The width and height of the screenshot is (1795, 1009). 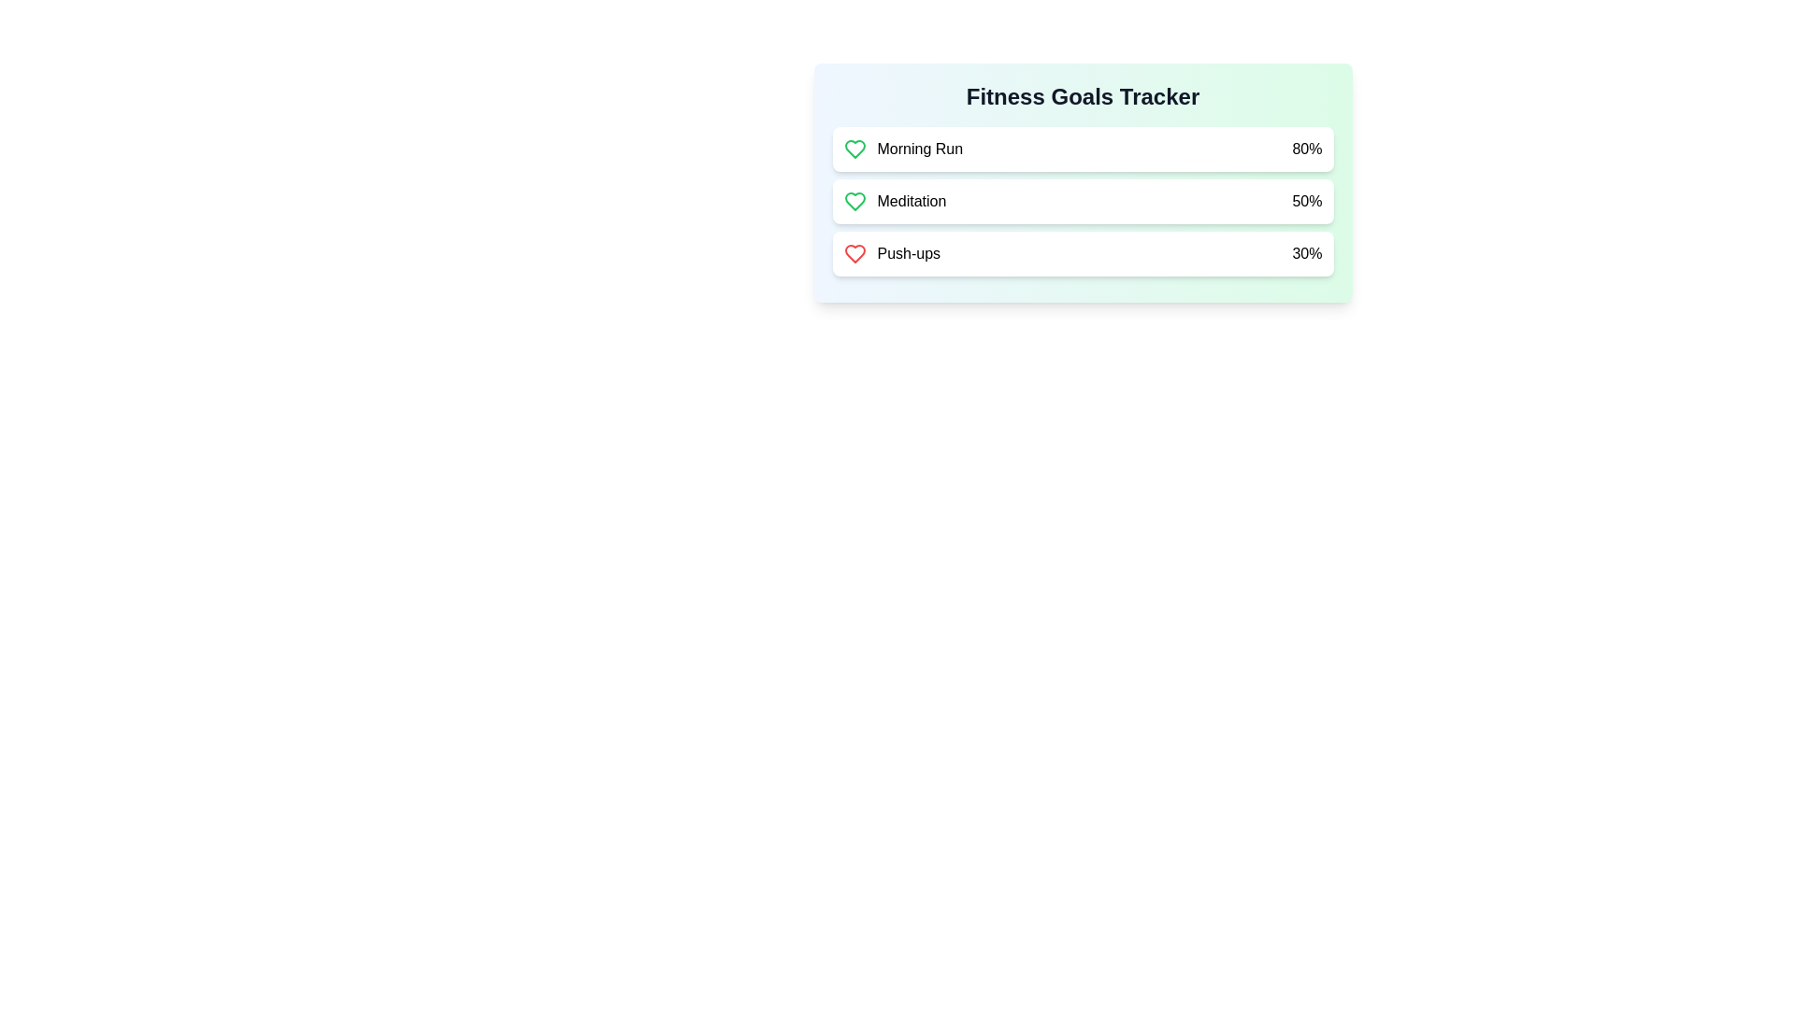 What do you see at coordinates (1083, 148) in the screenshot?
I see `the '80%' completion percentage in the first List item of the 'Fitness Goals Tracker' progress tracker to modify or view completion details` at bounding box center [1083, 148].